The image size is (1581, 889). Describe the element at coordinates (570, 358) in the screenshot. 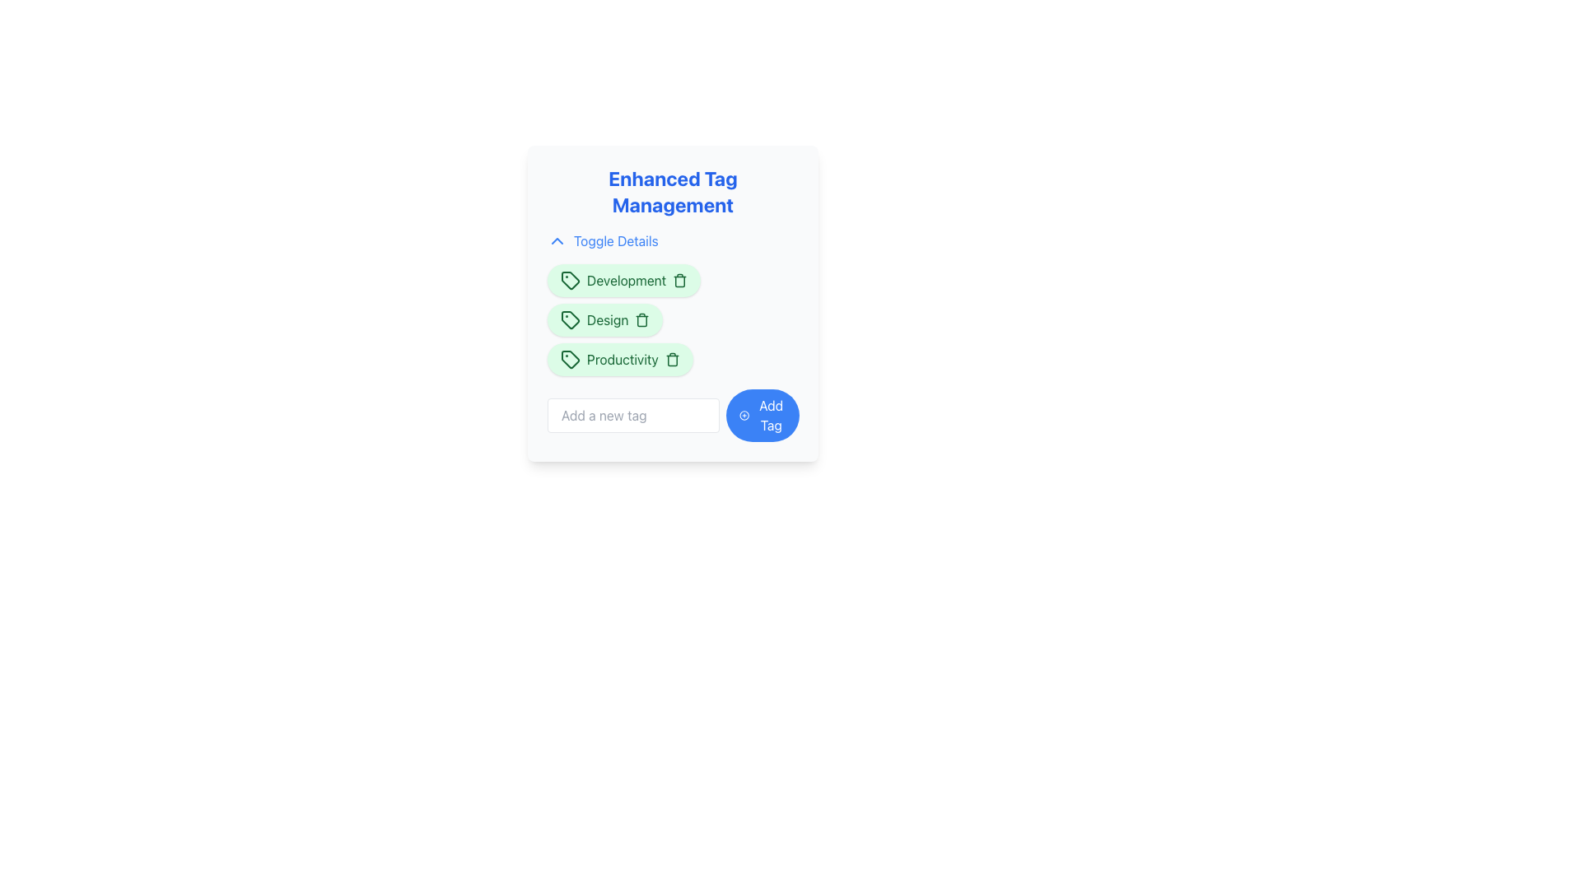

I see `the 'Productivity' tag icon, which is the third item in the list of tags under the 'Enhanced Tag Management' section` at that location.